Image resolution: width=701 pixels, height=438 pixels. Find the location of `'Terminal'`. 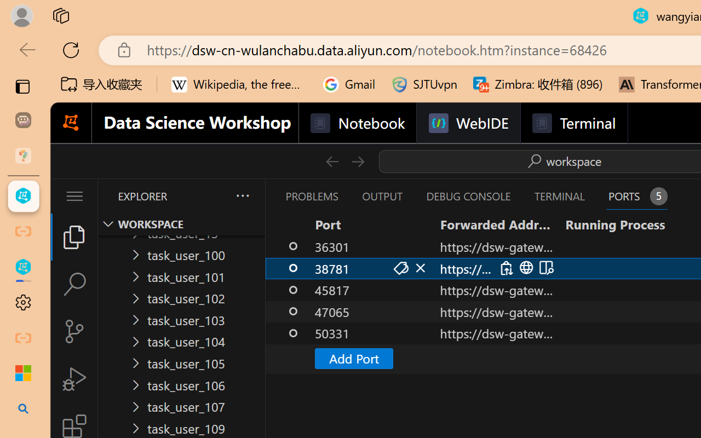

'Terminal' is located at coordinates (573, 123).